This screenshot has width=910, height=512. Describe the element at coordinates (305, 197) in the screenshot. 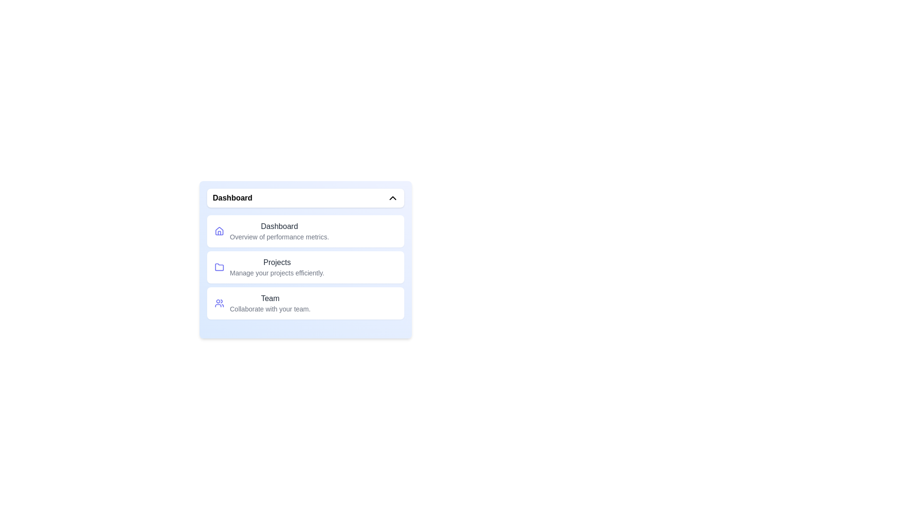

I see `the toggle button to close the menu` at that location.